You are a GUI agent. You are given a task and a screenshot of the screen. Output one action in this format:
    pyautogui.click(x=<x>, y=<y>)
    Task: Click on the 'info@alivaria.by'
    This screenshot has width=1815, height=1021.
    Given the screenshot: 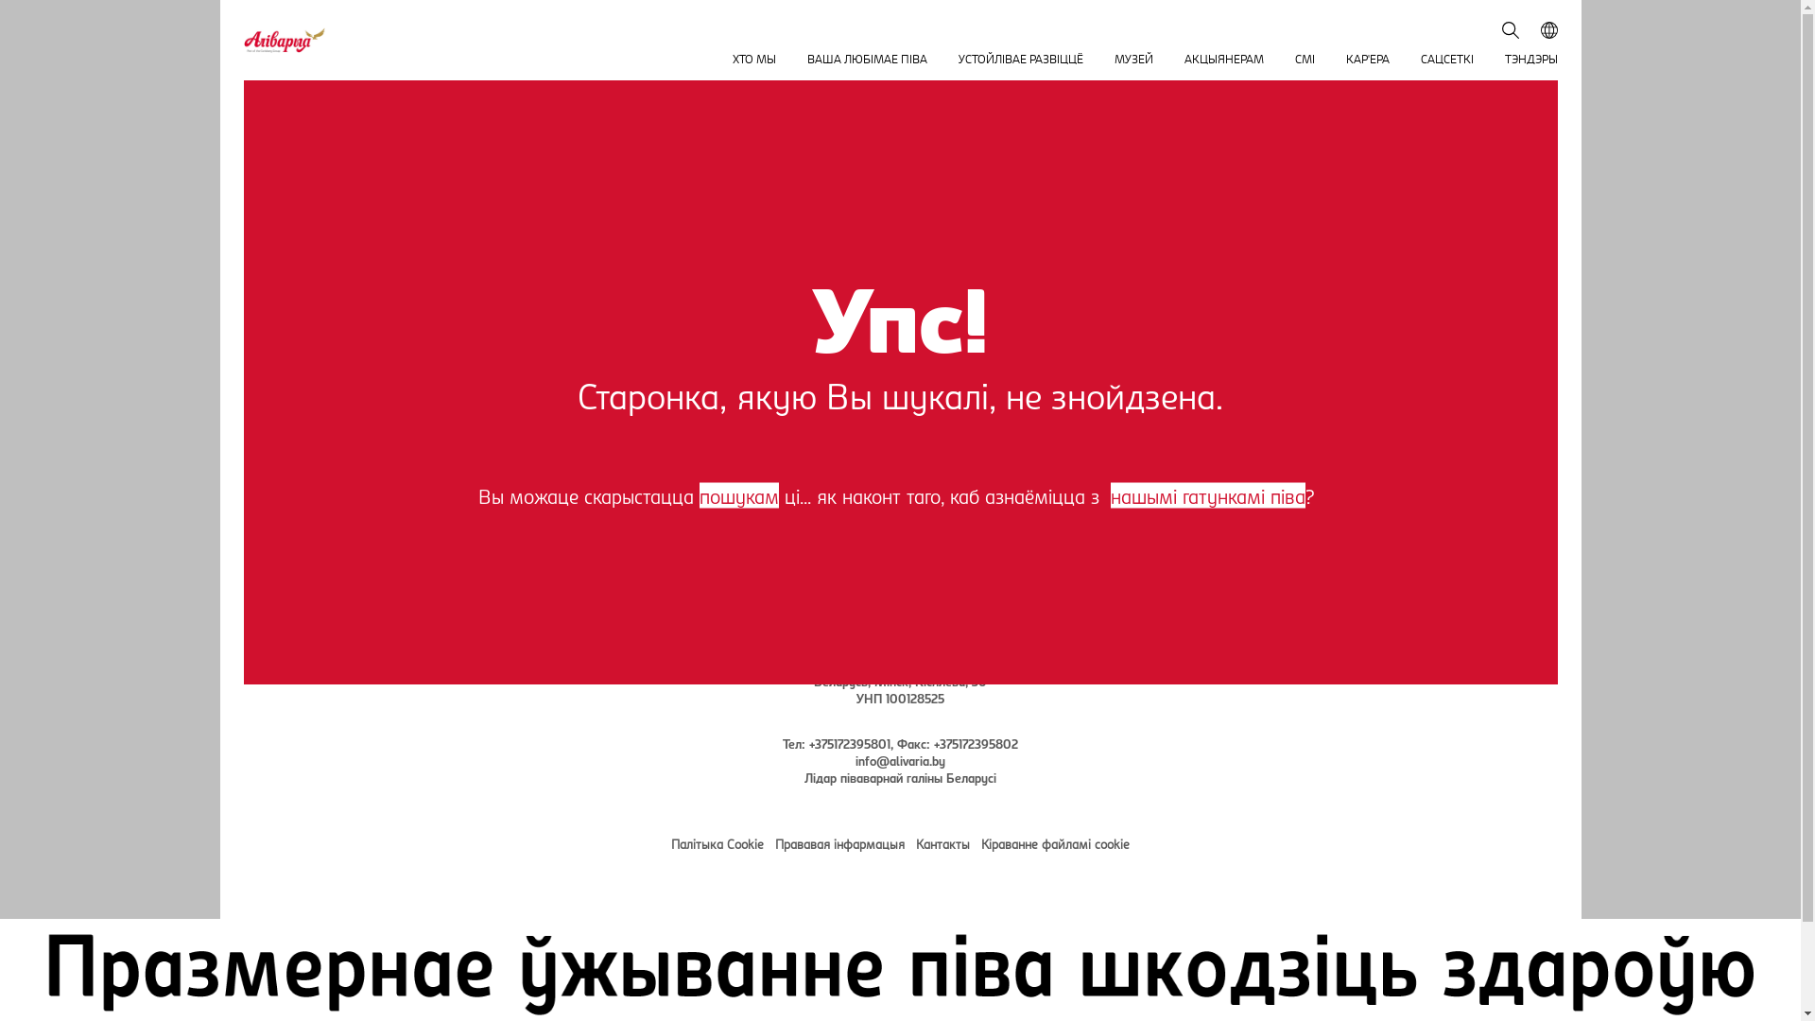 What is the action you would take?
    pyautogui.click(x=899, y=758)
    